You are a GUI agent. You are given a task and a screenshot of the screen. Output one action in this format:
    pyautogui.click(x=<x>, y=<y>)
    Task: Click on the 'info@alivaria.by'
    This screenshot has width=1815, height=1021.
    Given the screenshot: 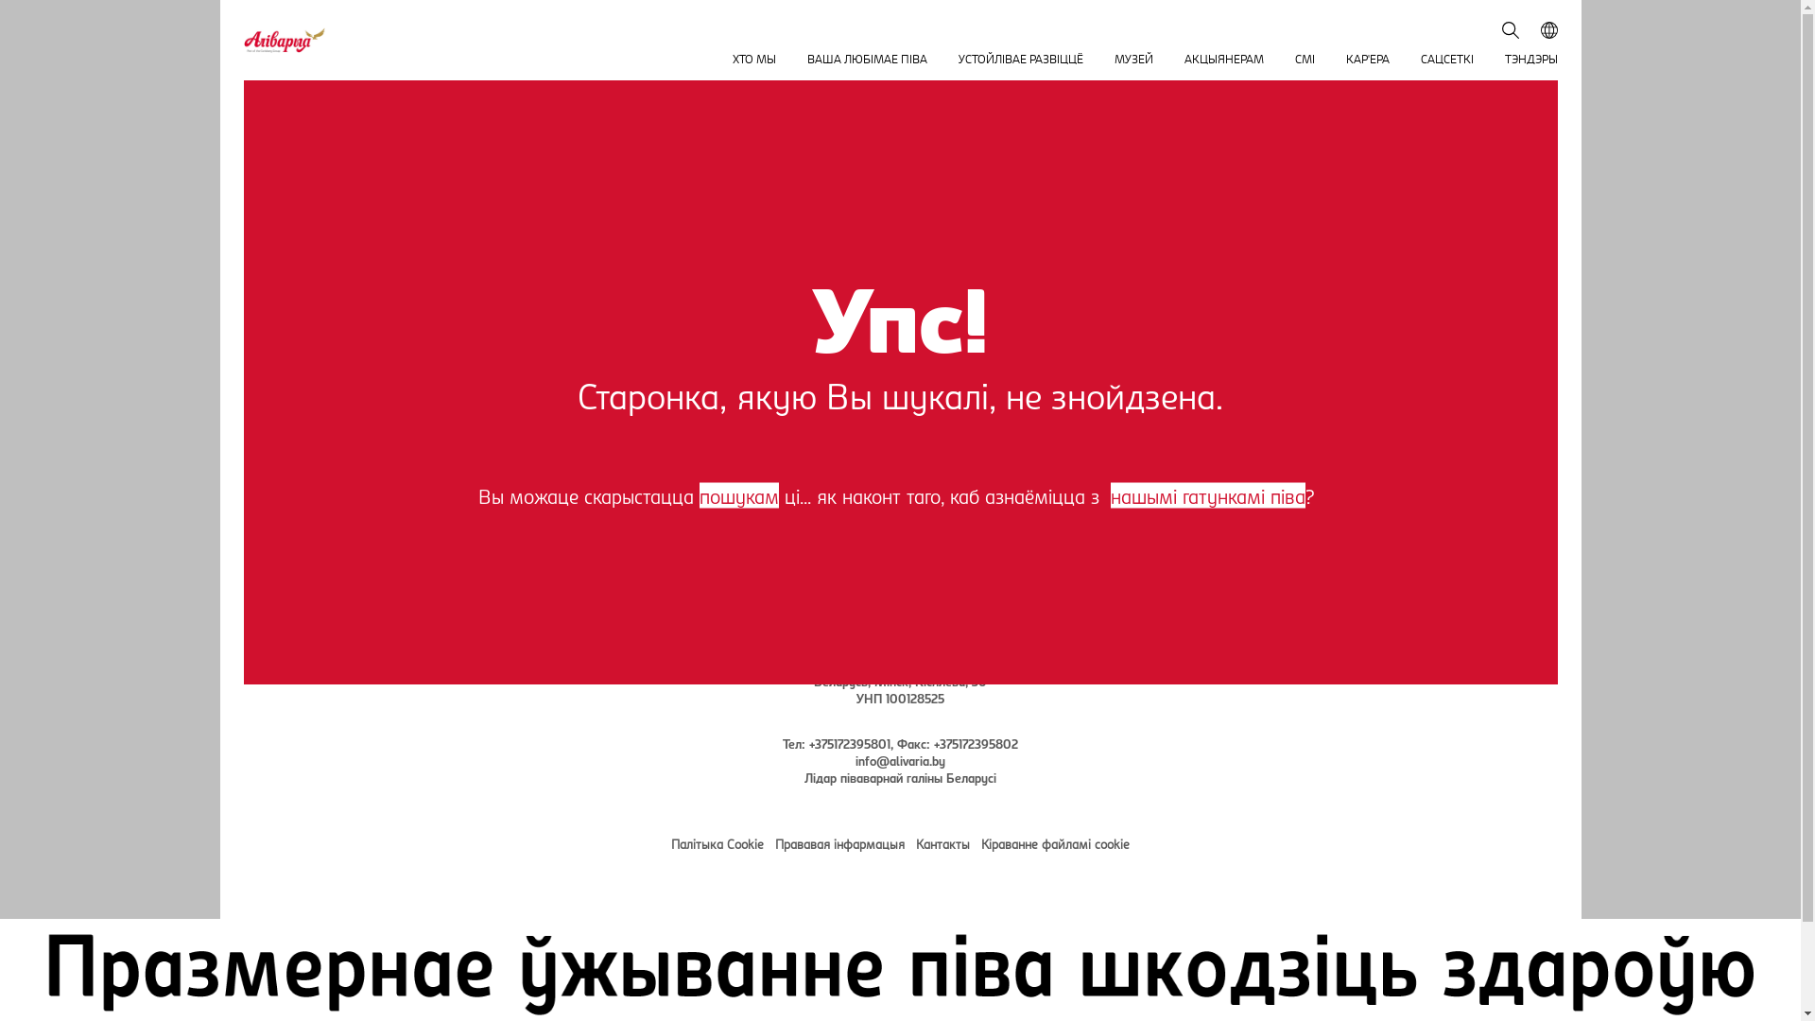 What is the action you would take?
    pyautogui.click(x=899, y=758)
    